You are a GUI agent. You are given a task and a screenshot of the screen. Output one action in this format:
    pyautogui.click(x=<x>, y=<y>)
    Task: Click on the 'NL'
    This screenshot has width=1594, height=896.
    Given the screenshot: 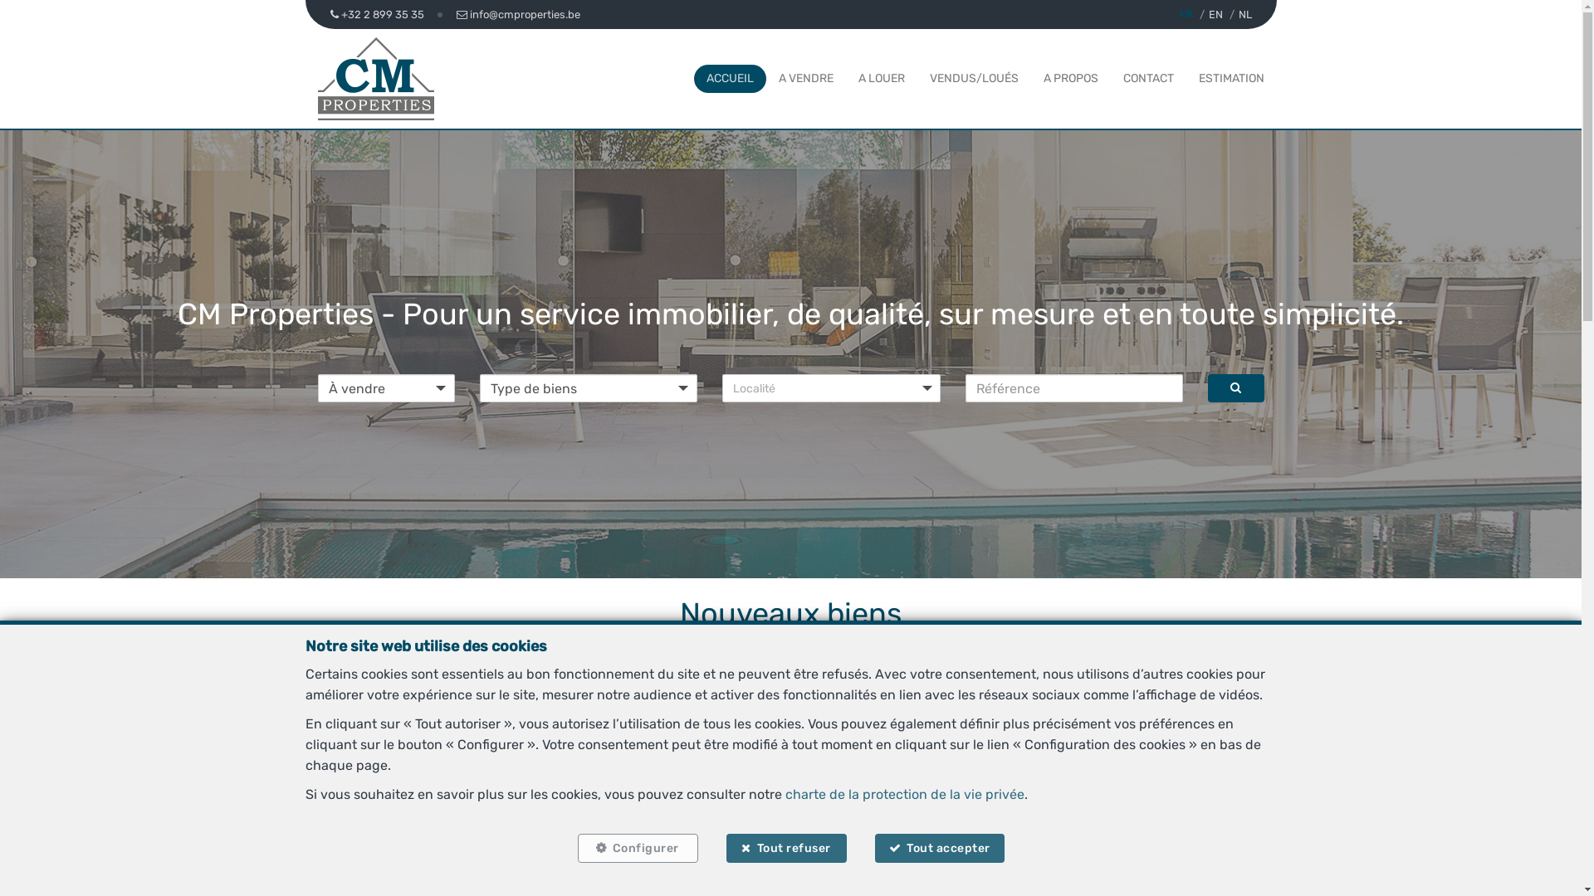 What is the action you would take?
    pyautogui.click(x=1244, y=14)
    